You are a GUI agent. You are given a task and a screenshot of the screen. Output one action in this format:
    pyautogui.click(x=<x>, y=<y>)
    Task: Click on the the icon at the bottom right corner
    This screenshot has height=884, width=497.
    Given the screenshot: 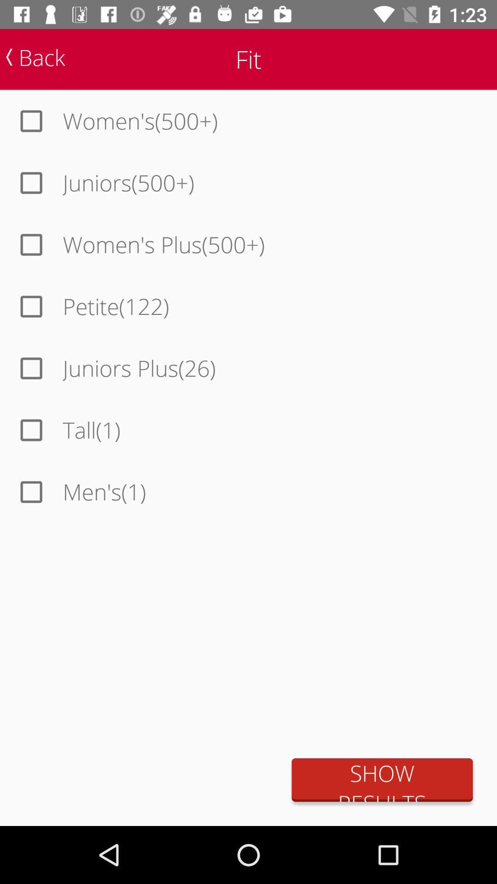 What is the action you would take?
    pyautogui.click(x=382, y=779)
    